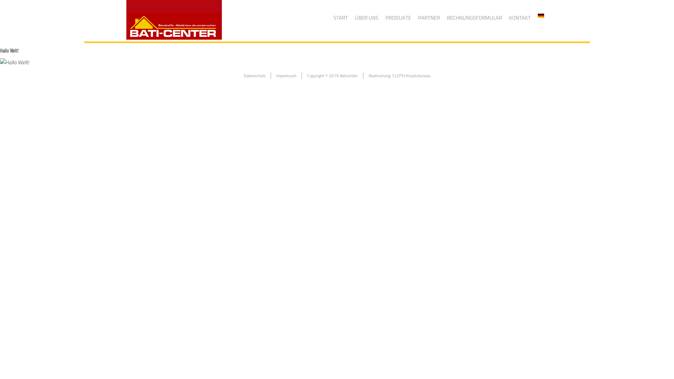  What do you see at coordinates (398, 17) in the screenshot?
I see `'PRODUKTE'` at bounding box center [398, 17].